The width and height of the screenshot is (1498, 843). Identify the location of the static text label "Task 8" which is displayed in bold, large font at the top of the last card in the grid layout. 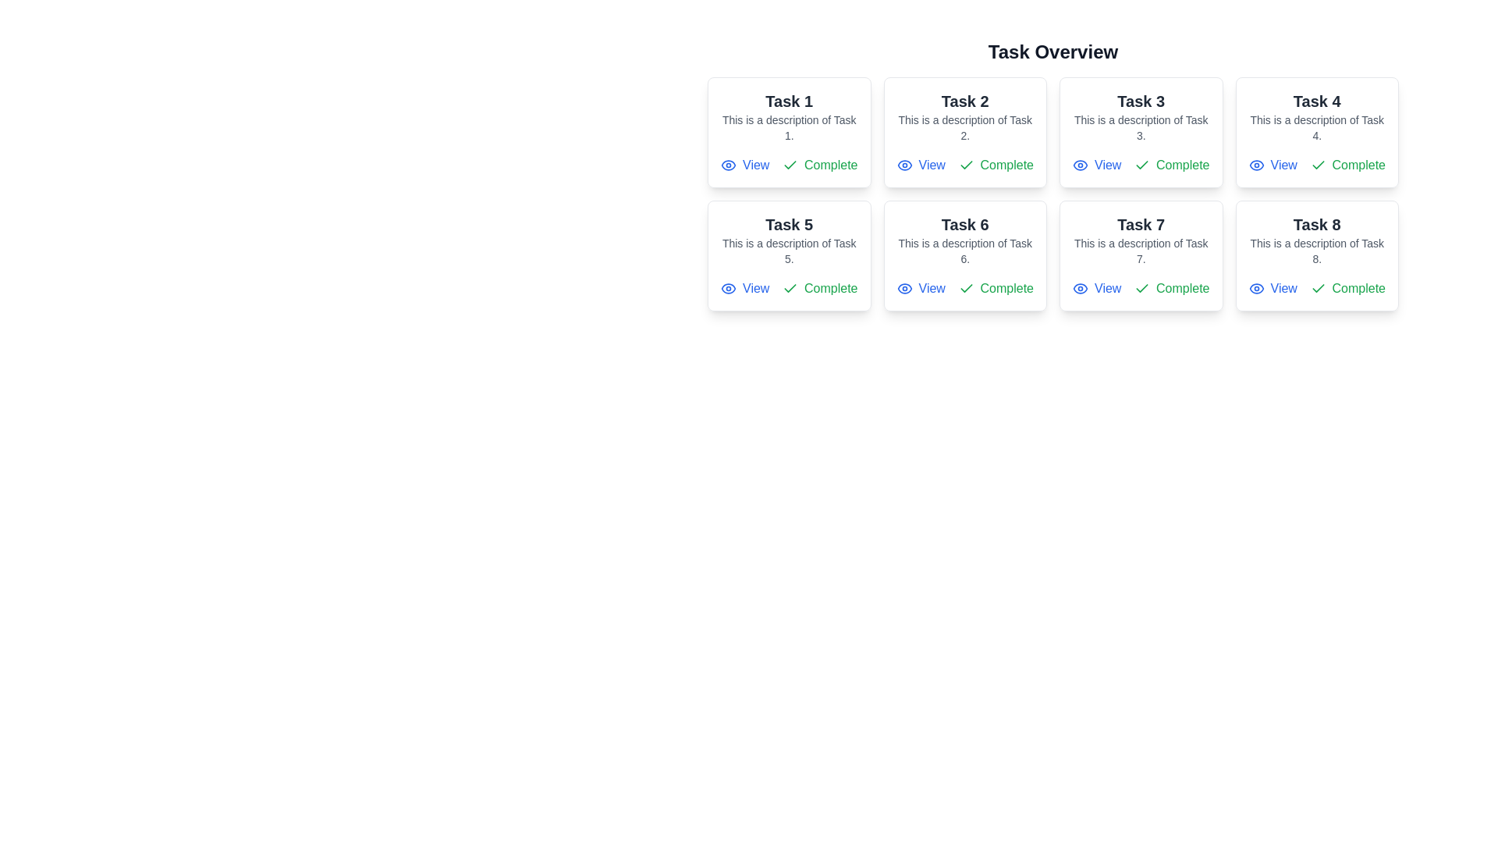
(1316, 225).